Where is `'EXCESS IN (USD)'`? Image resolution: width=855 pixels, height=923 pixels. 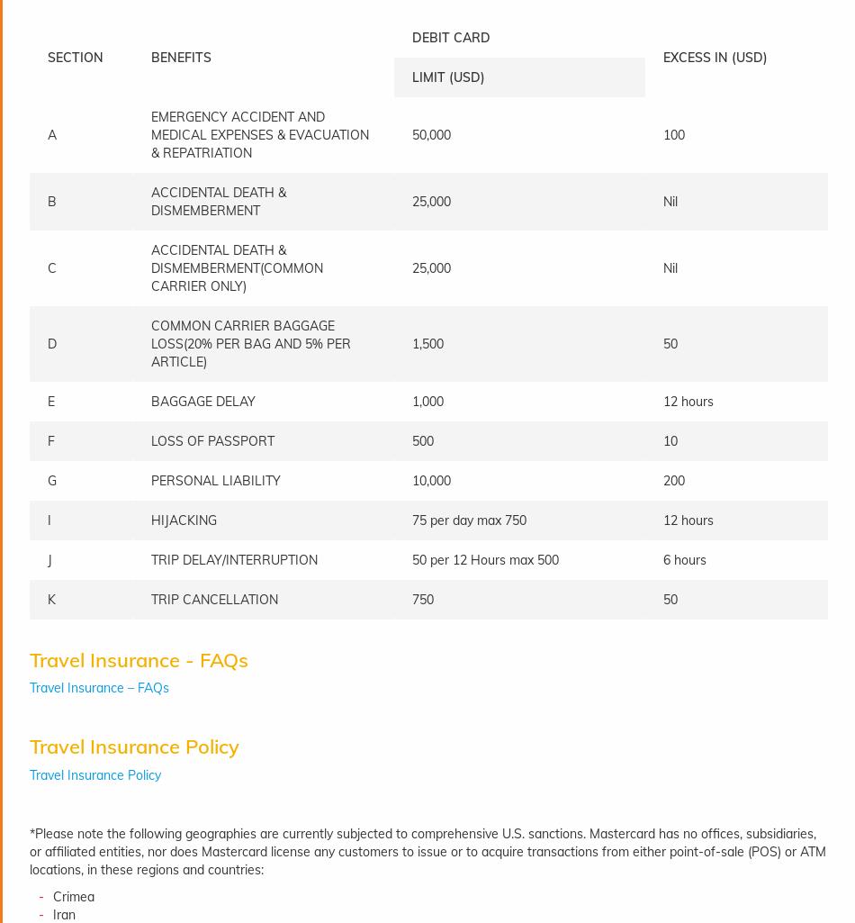 'EXCESS IN (USD)' is located at coordinates (714, 56).